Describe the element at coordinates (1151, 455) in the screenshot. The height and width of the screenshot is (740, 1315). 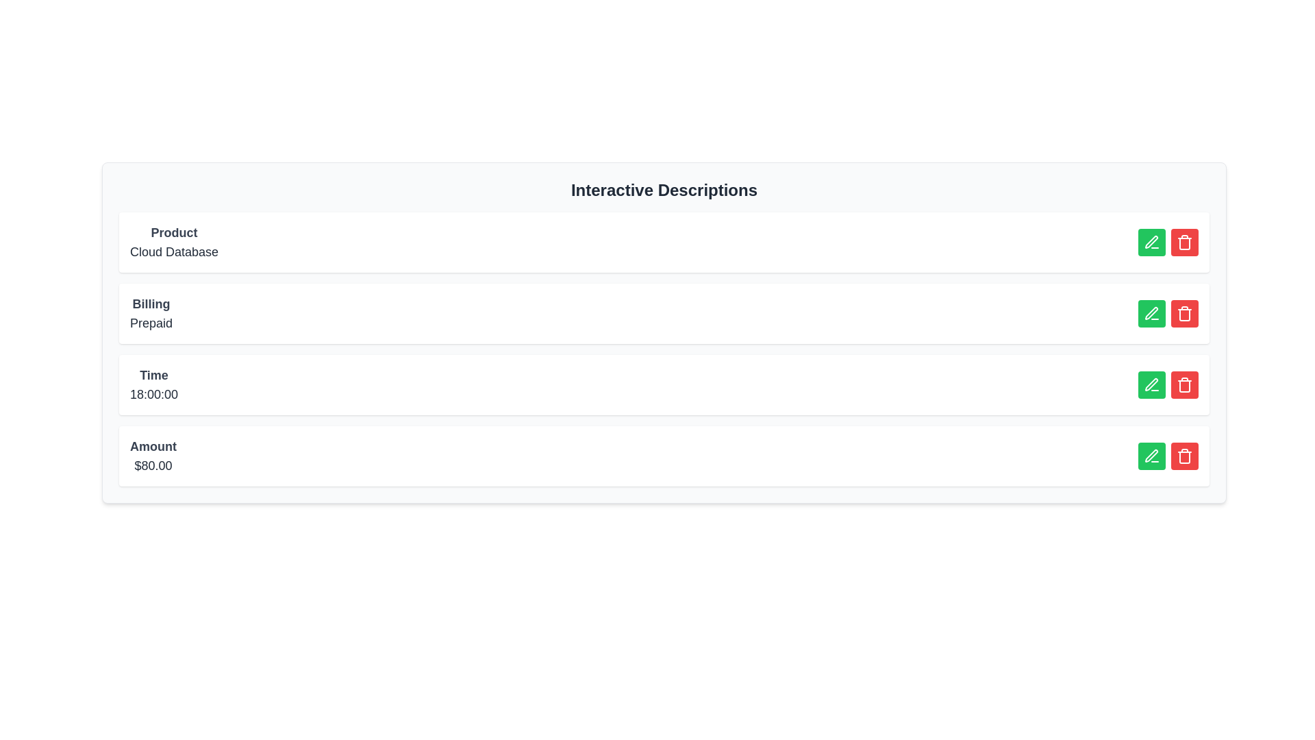
I see `the edit icon located in the bottom-most row of the interface, to the far right within the same row as the 'Amount' label and value to initiate an edit action` at that location.